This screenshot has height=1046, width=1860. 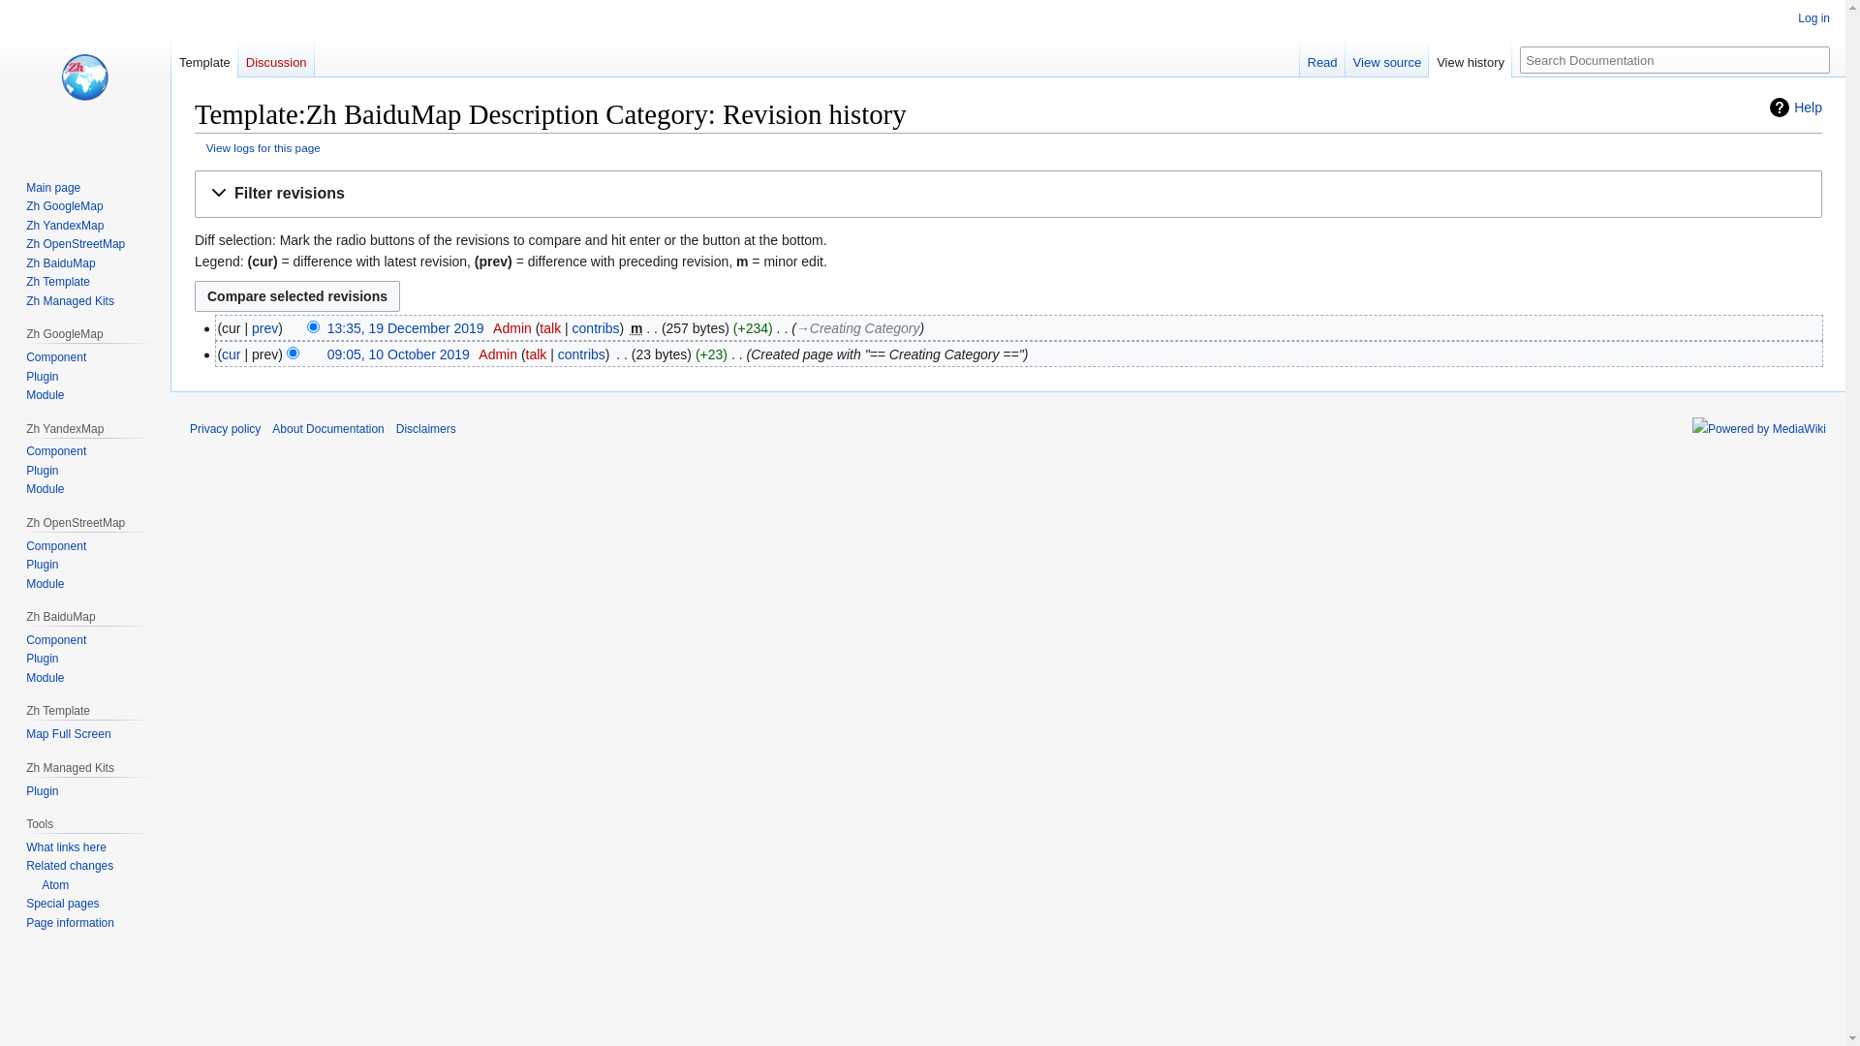 I want to click on 'Zh BaiduMap', so click(x=60, y=263).